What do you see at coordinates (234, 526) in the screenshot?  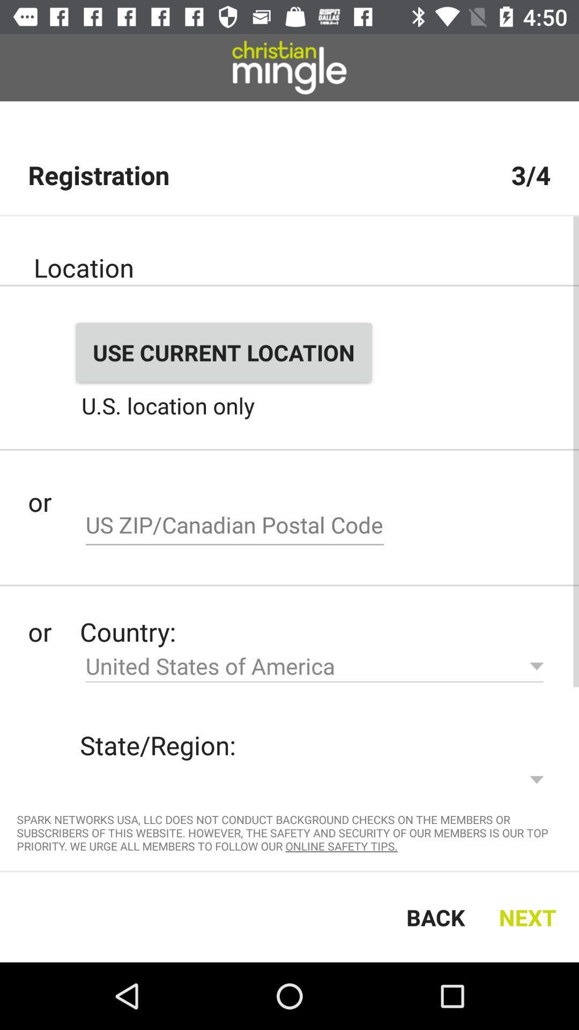 I see `postal code box` at bounding box center [234, 526].